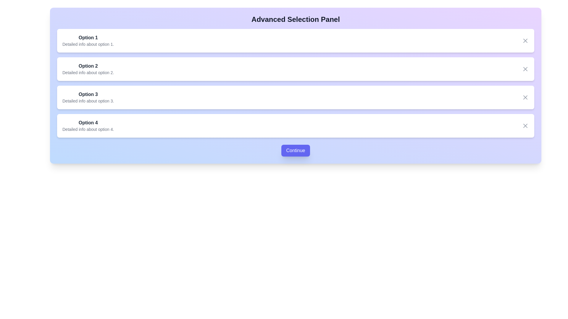  I want to click on the static text element providing supplementary information for 'Option 3' located within the 'Advanced Selection Panel', so click(88, 101).